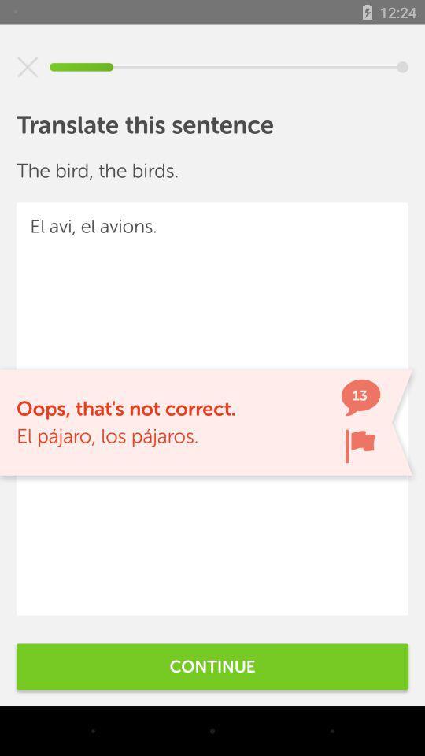 The image size is (425, 756). Describe the element at coordinates (360, 446) in the screenshot. I see `report flag` at that location.